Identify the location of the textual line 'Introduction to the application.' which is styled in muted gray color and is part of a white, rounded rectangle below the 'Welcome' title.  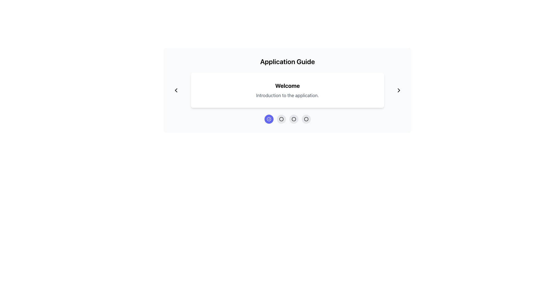
(287, 95).